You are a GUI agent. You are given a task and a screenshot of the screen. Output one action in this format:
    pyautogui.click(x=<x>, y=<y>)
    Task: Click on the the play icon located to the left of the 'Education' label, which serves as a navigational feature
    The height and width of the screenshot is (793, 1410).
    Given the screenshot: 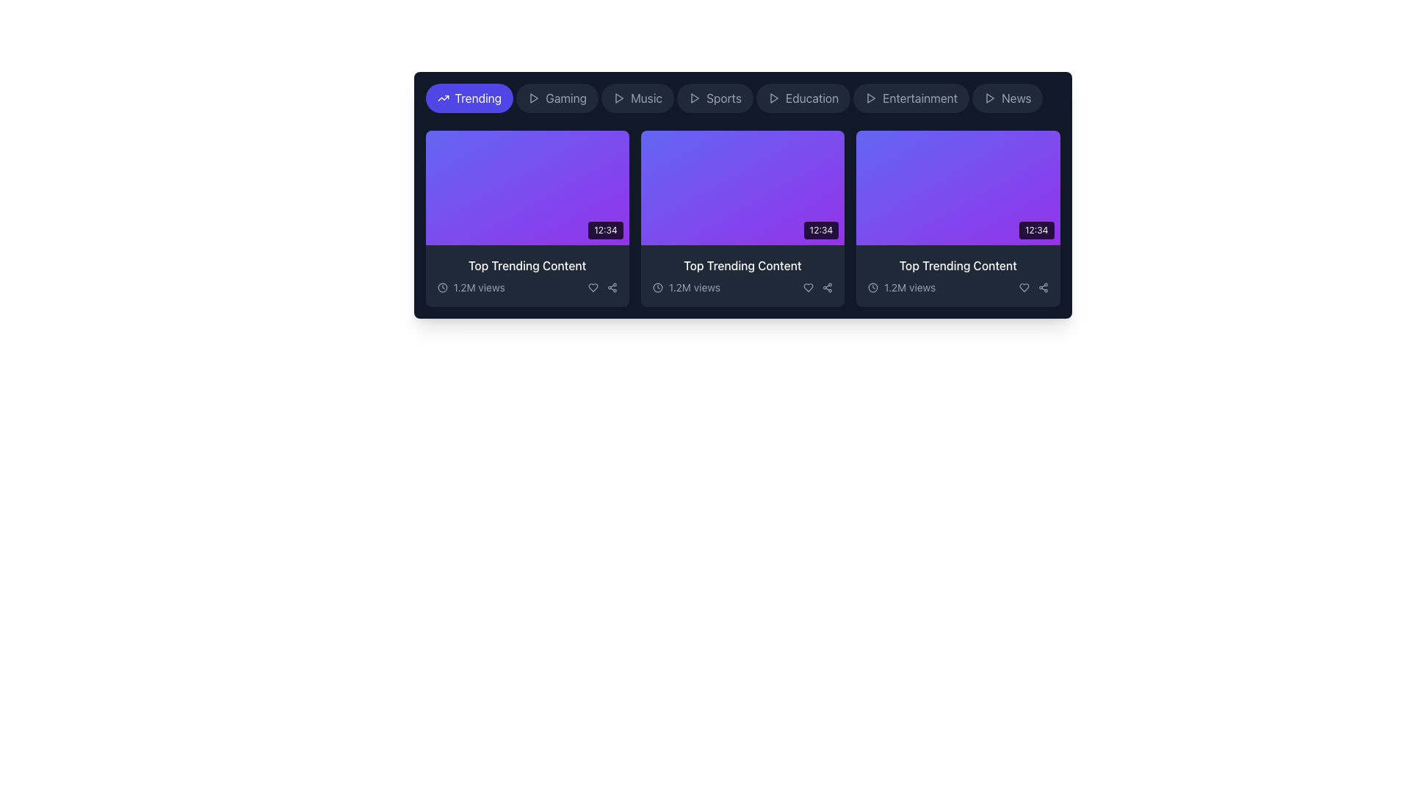 What is the action you would take?
    pyautogui.click(x=773, y=98)
    